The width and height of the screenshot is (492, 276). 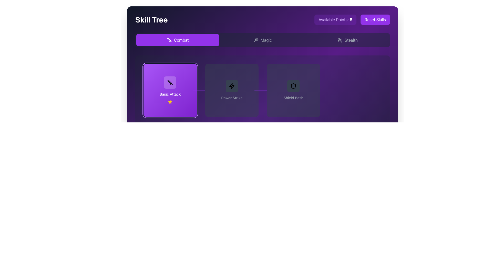 What do you see at coordinates (262, 40) in the screenshot?
I see `the 'Magic' button, which features a wand icon and changes background color on hover` at bounding box center [262, 40].